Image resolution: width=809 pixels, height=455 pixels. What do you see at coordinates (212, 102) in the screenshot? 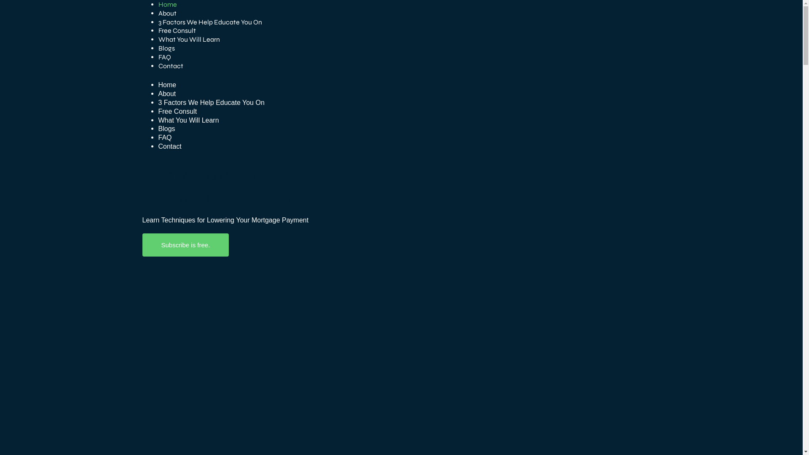
I see `'3 Factors We Help Educate You On'` at bounding box center [212, 102].